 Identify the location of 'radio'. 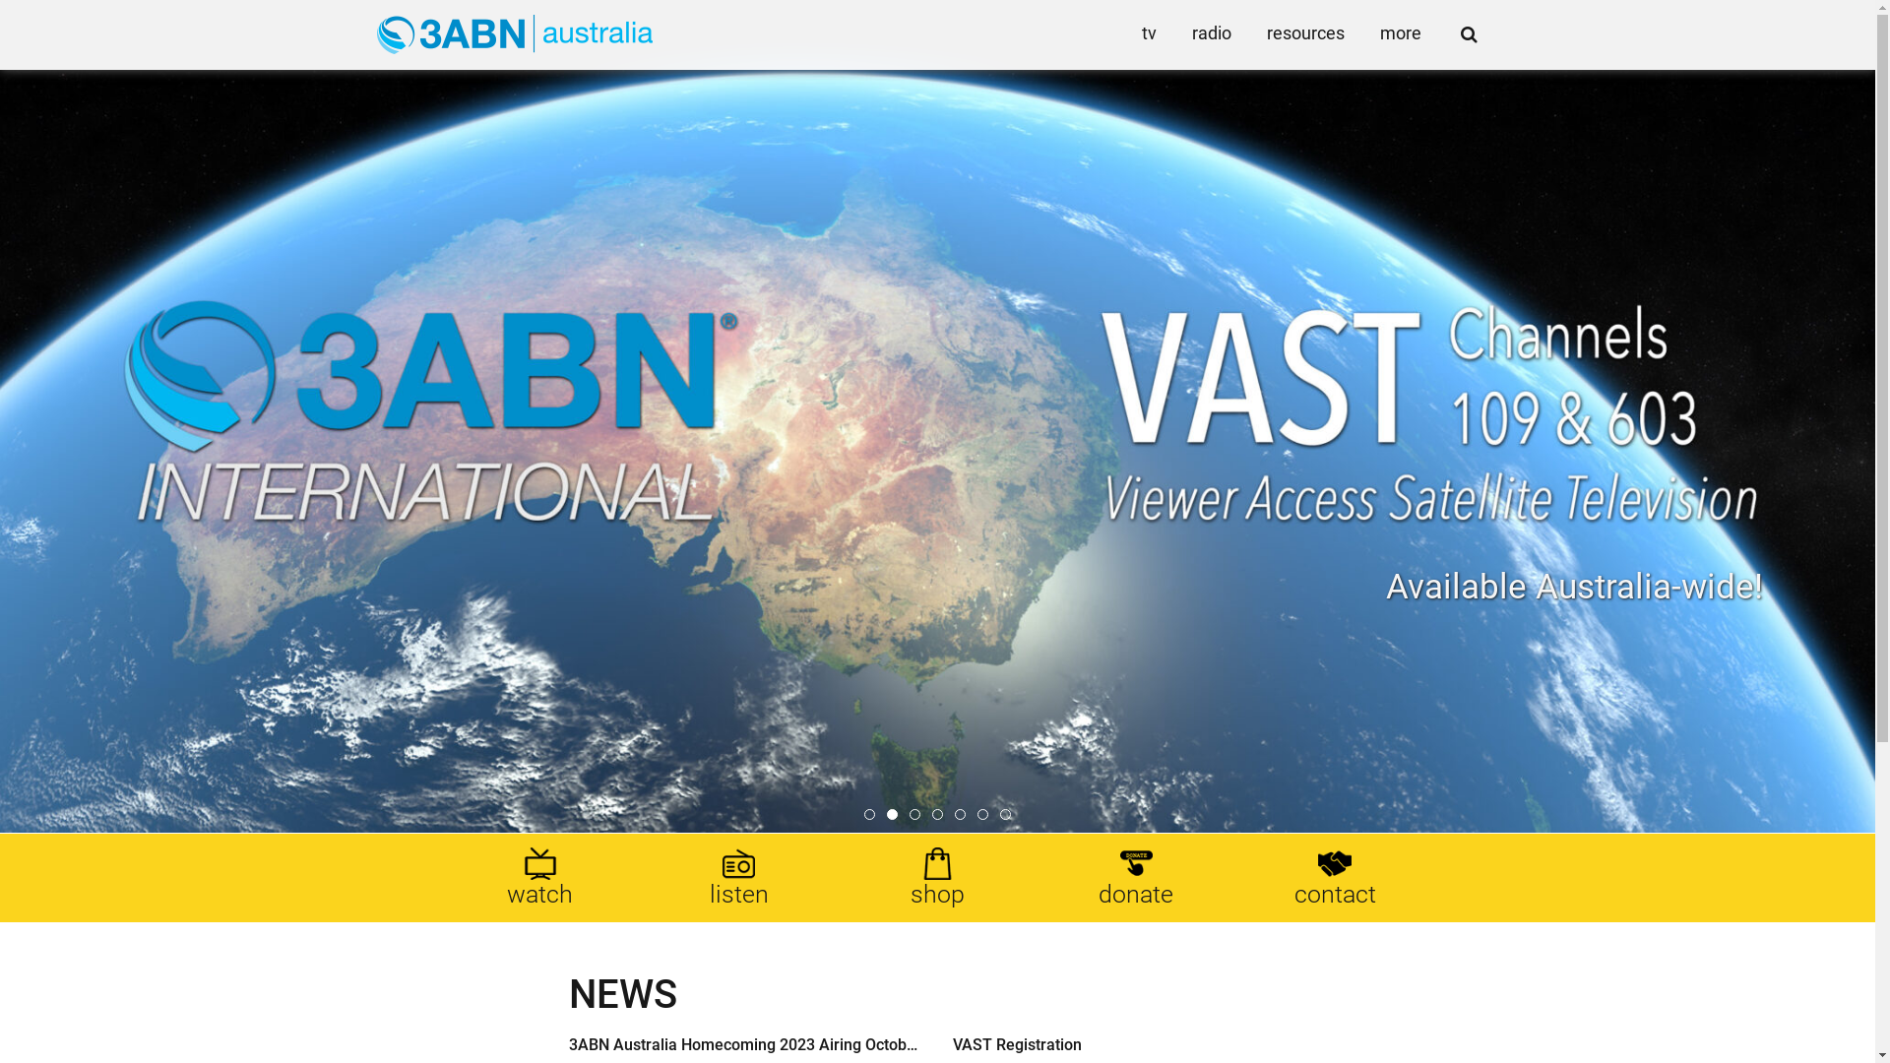
(1209, 33).